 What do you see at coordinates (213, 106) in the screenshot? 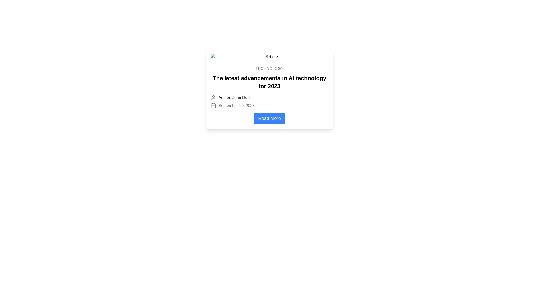
I see `the calendar icon representing date or time-related information located to the left of the text 'September 10, 2023'` at bounding box center [213, 106].